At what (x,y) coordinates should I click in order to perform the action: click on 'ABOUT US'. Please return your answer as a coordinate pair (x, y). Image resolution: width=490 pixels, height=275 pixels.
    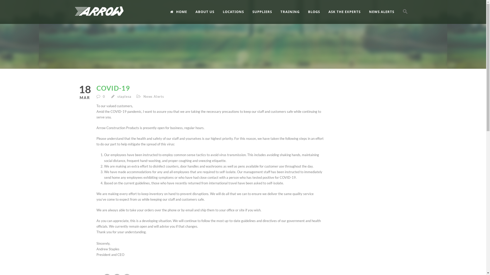
    Looking at the image, I should click on (195, 16).